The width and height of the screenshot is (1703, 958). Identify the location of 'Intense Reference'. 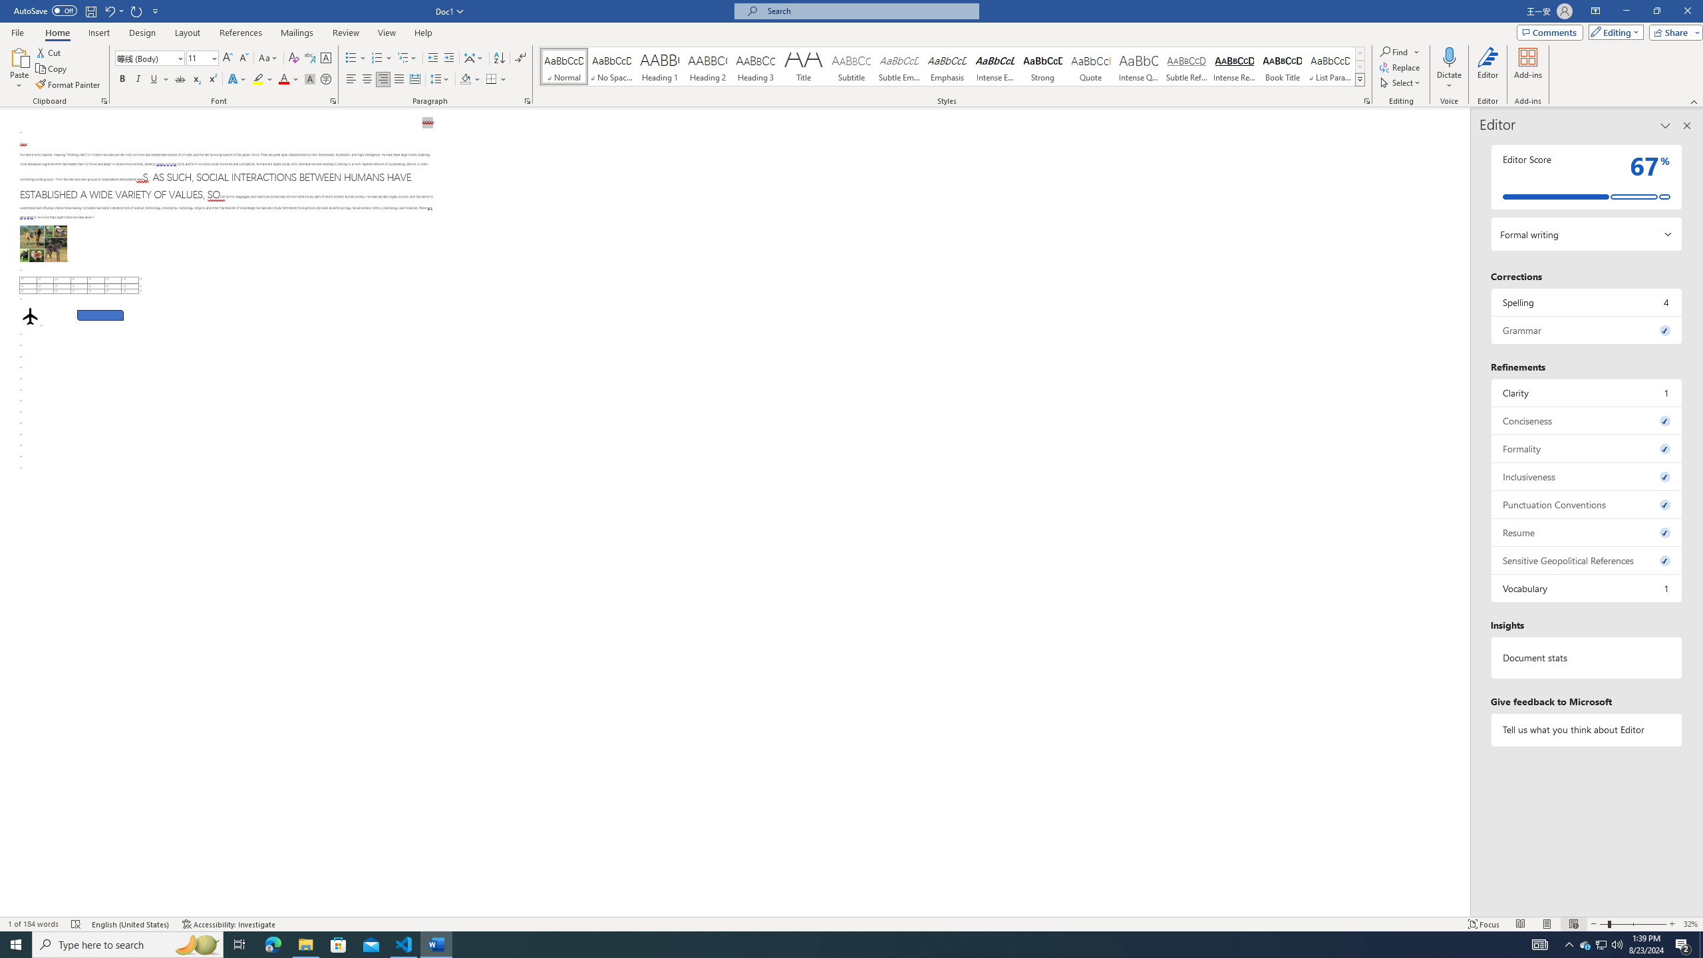
(1234, 66).